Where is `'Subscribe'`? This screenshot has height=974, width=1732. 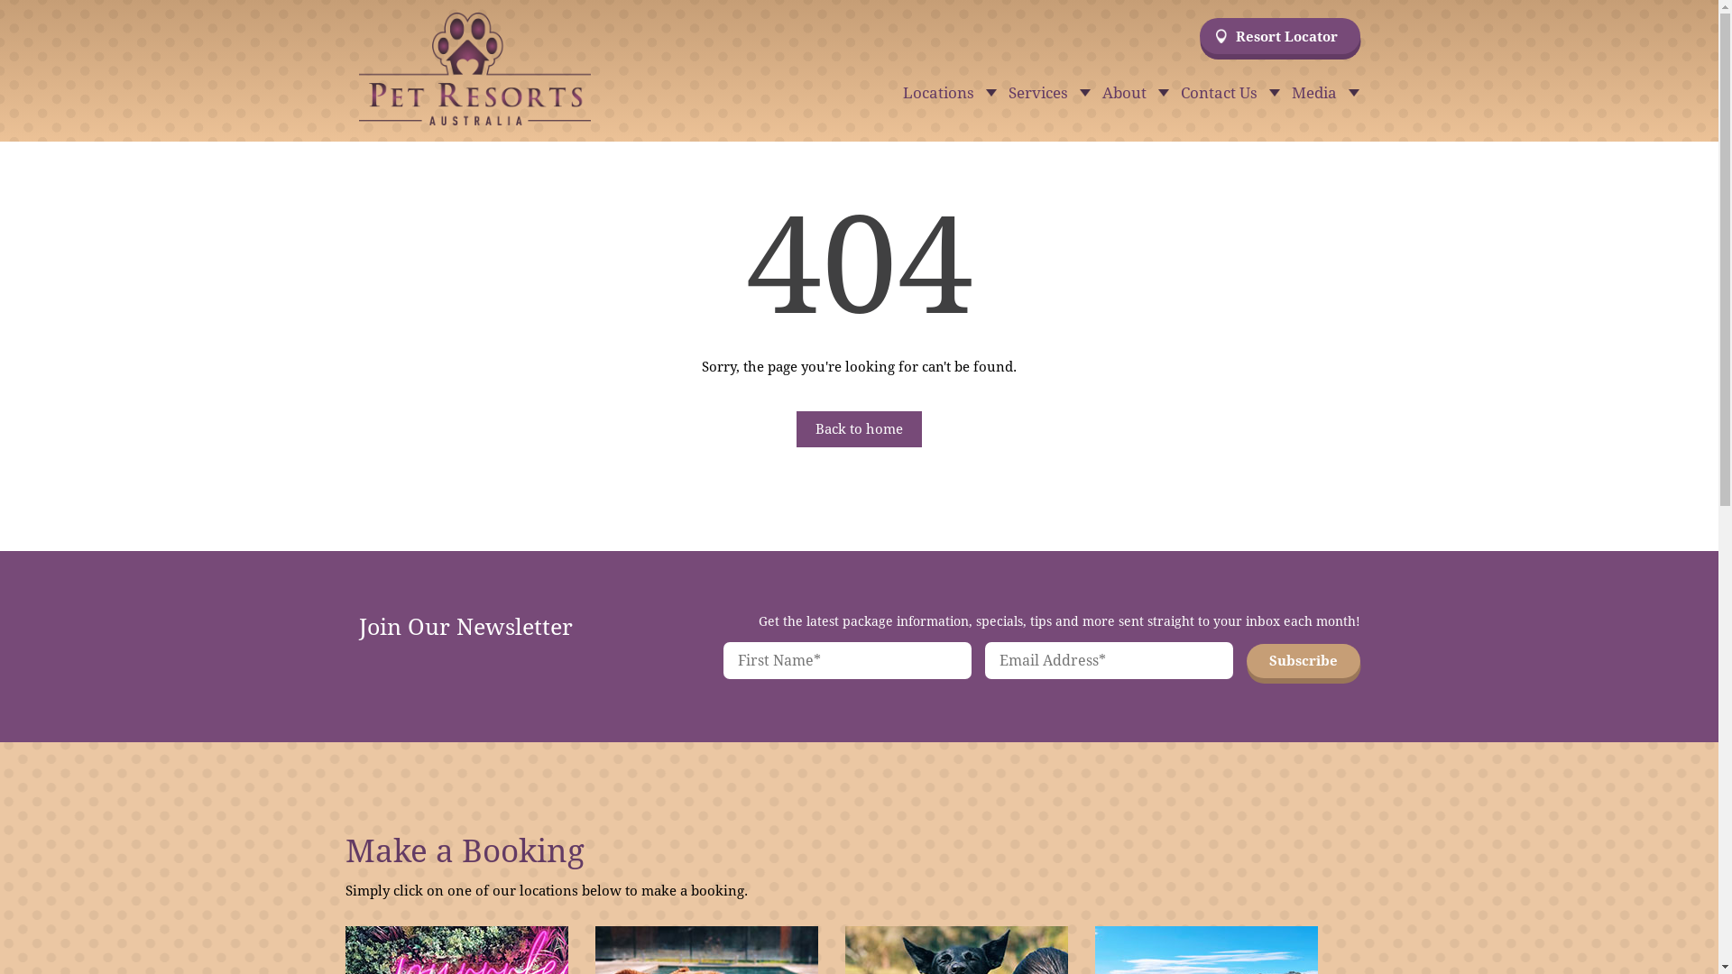
'Subscribe' is located at coordinates (1303, 660).